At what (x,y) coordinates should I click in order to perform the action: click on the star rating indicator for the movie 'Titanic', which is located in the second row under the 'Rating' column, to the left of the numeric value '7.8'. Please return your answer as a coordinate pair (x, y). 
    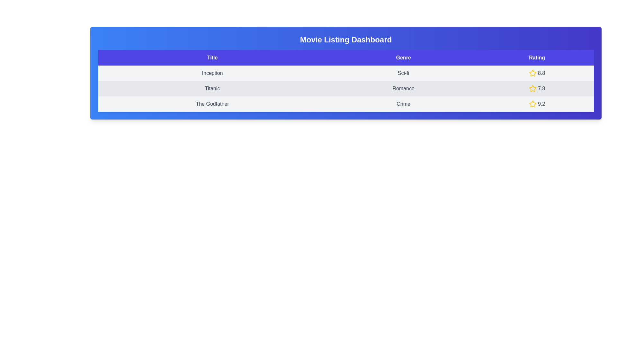
    Looking at the image, I should click on (532, 89).